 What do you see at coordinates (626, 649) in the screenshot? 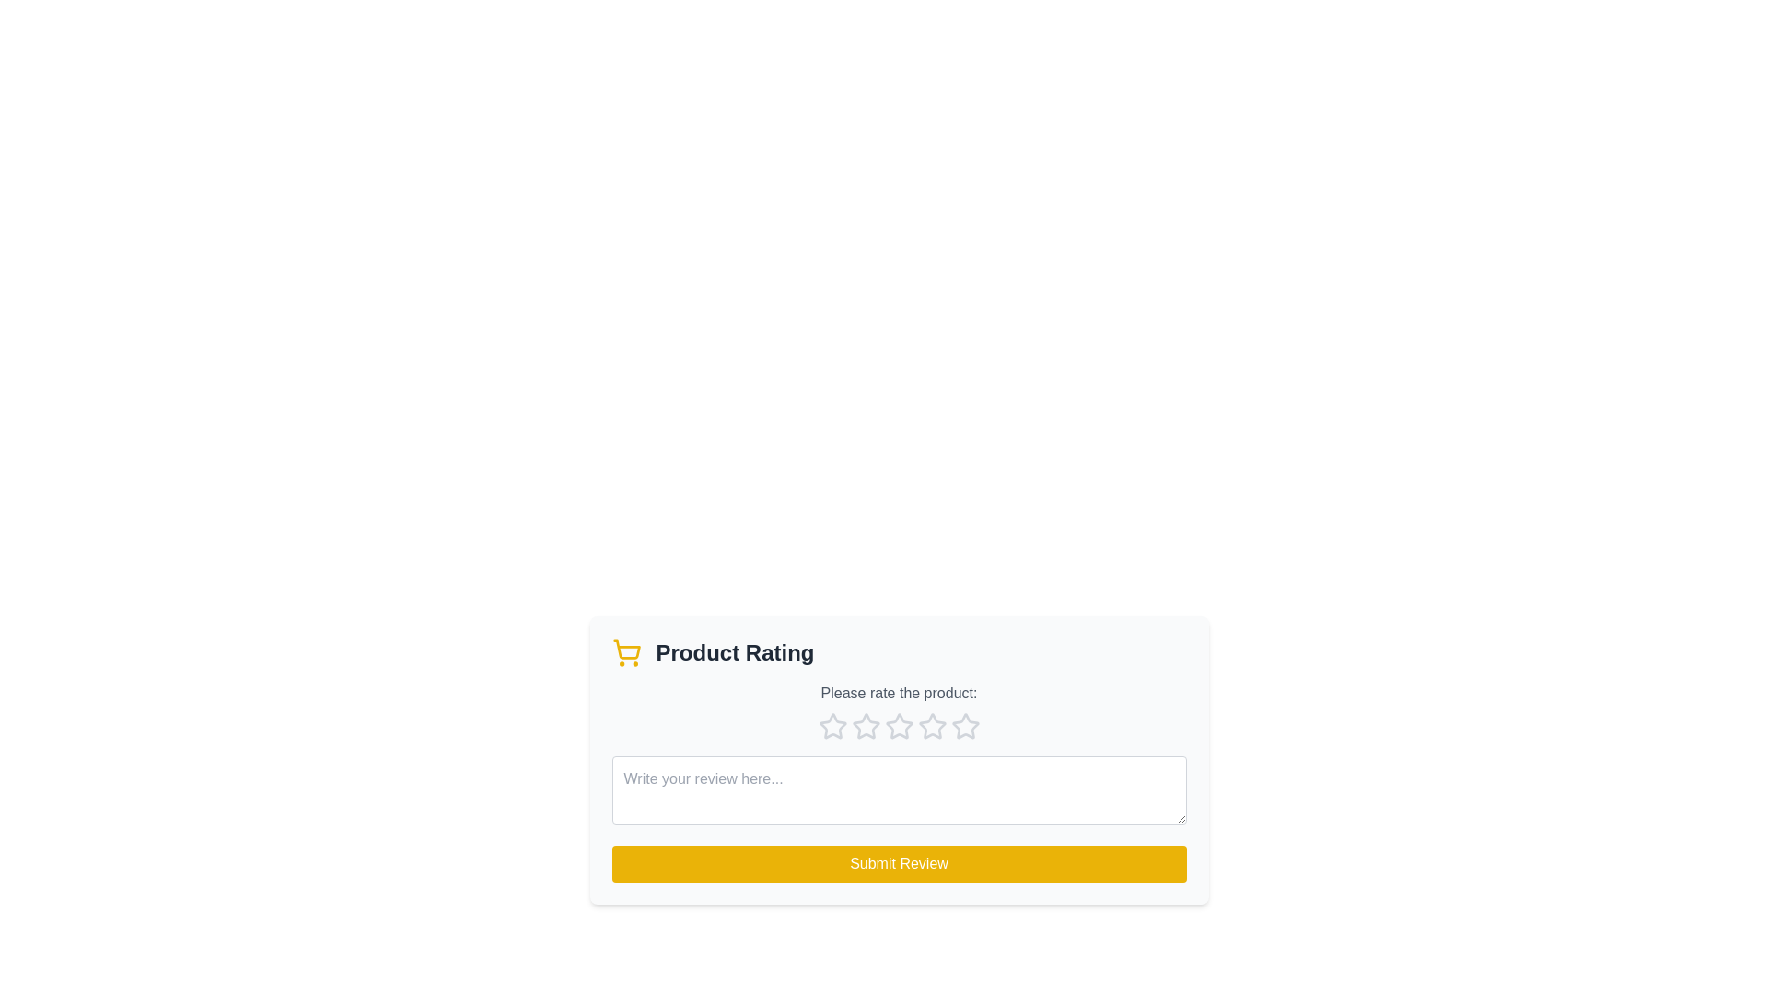
I see `the main body shape of the shopping cart icon, which is prominently displayed at the top of the 'Product Rating' section` at bounding box center [626, 649].